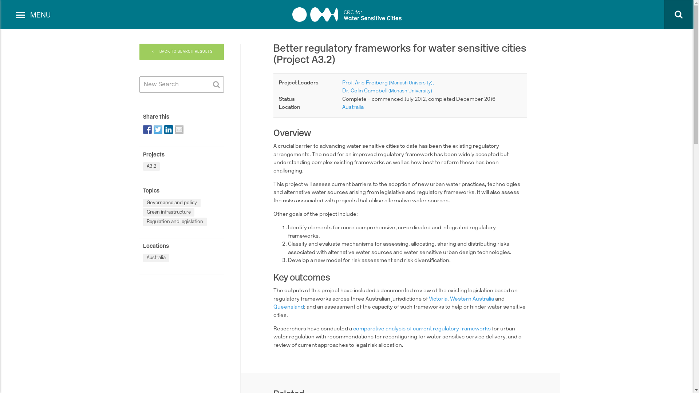 This screenshot has width=699, height=393. What do you see at coordinates (168, 212) in the screenshot?
I see `'Green infrastructure'` at bounding box center [168, 212].